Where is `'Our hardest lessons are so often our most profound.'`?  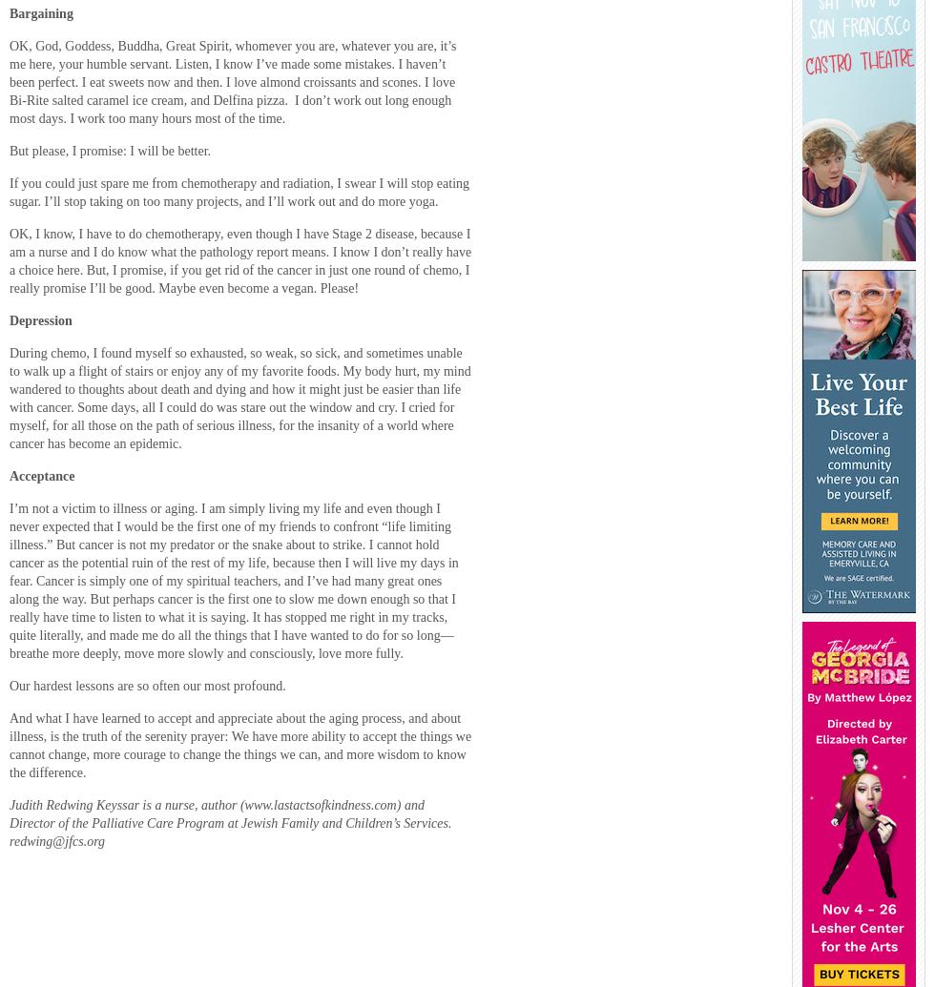
'Our hardest lessons are so often our most profound.' is located at coordinates (147, 684).